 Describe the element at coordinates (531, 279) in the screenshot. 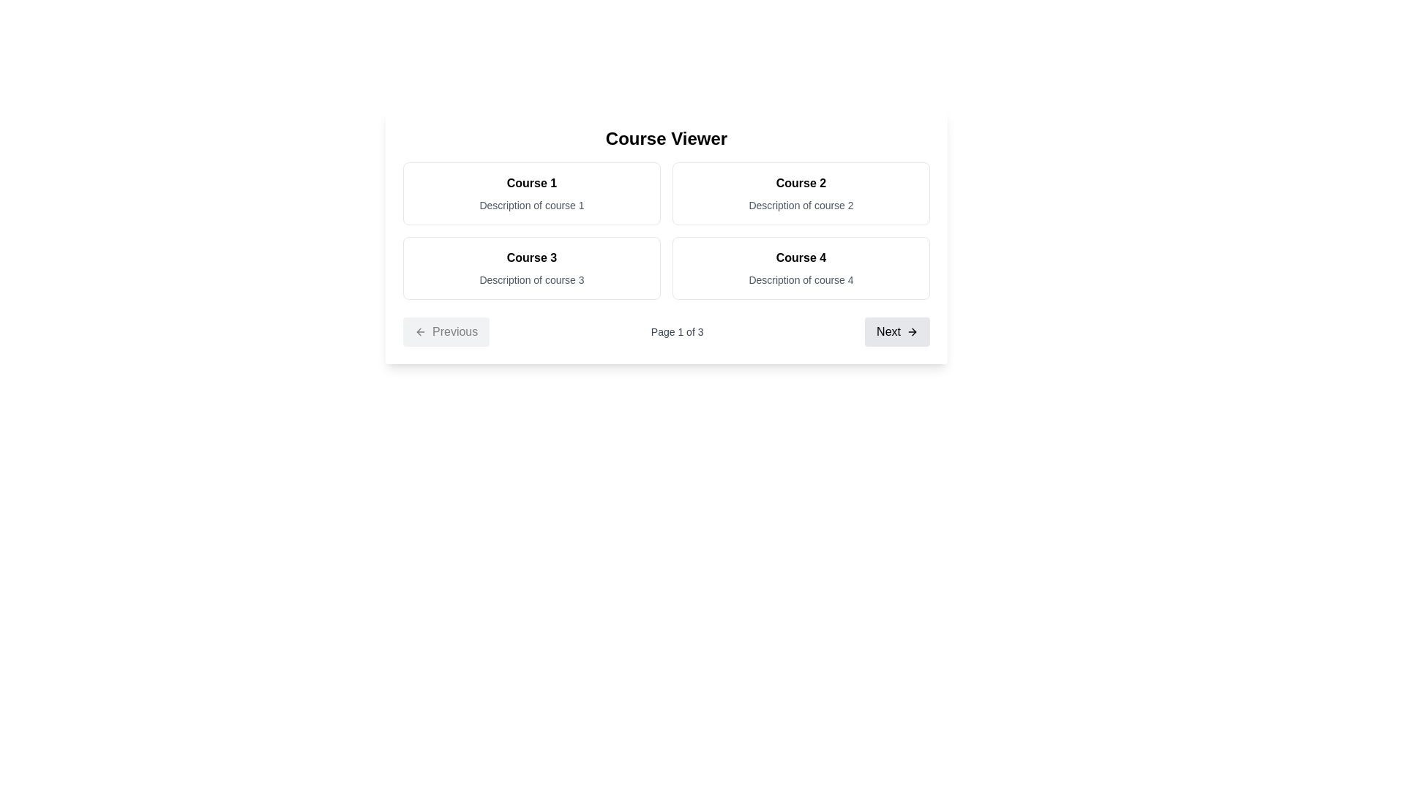

I see `the text label that provides a brief description for Course 3, located in the second row, first column of the course layout grid, beneath the 'Course 3' title` at that location.